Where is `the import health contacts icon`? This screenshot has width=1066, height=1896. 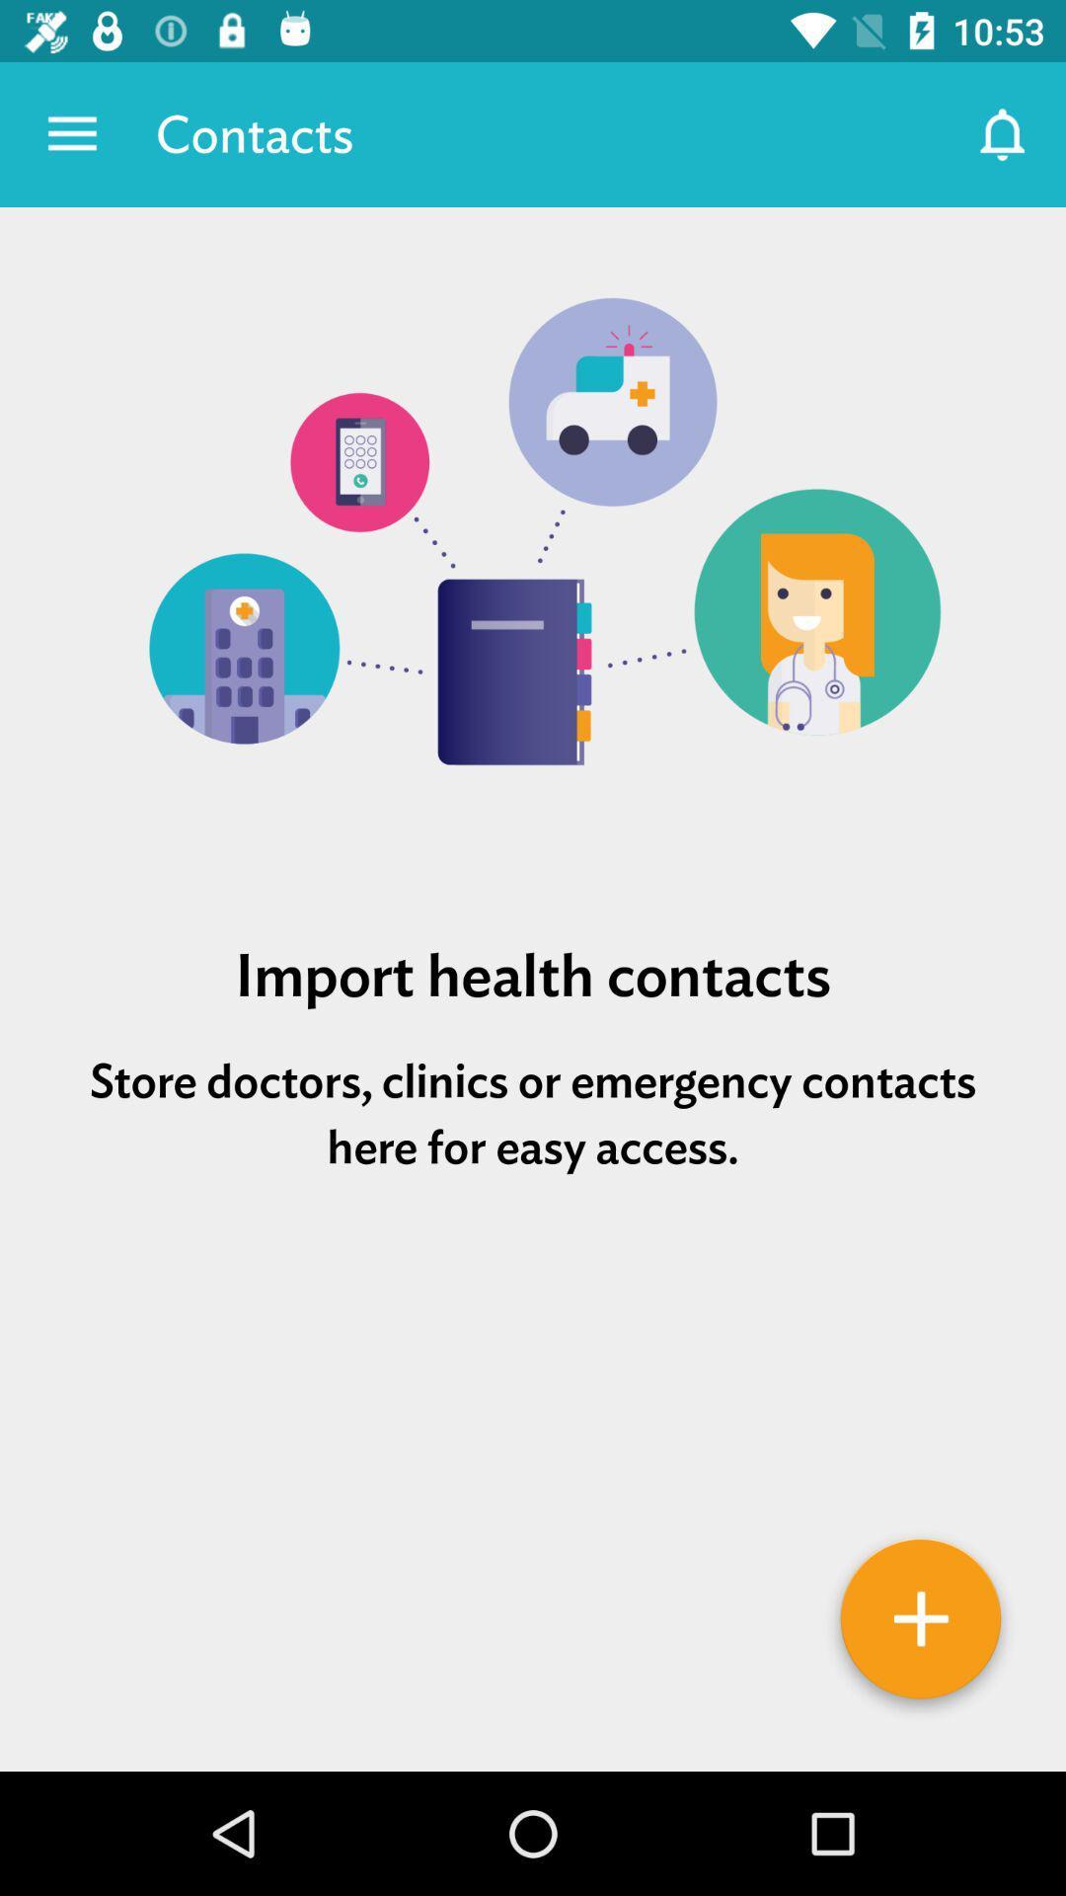
the import health contacts icon is located at coordinates (533, 975).